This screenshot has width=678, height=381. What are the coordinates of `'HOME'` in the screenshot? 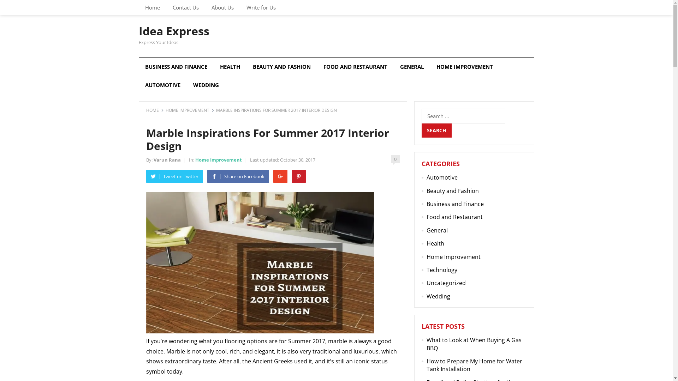 It's located at (145, 110).